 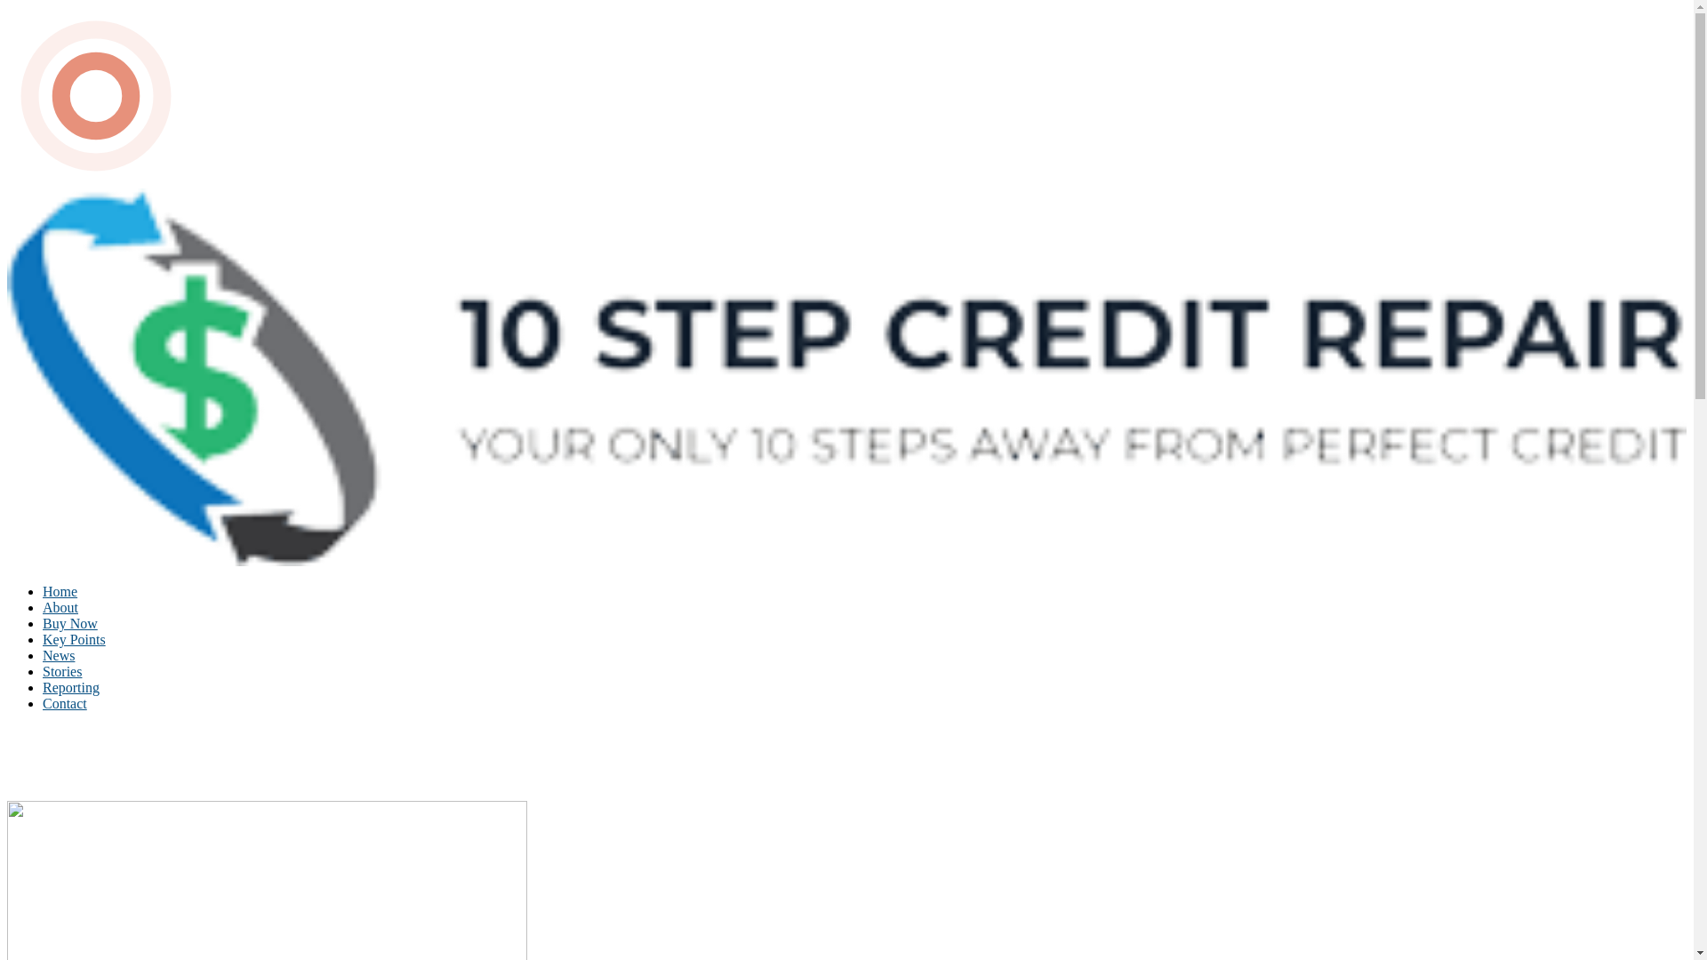 I want to click on 'News', so click(x=59, y=655).